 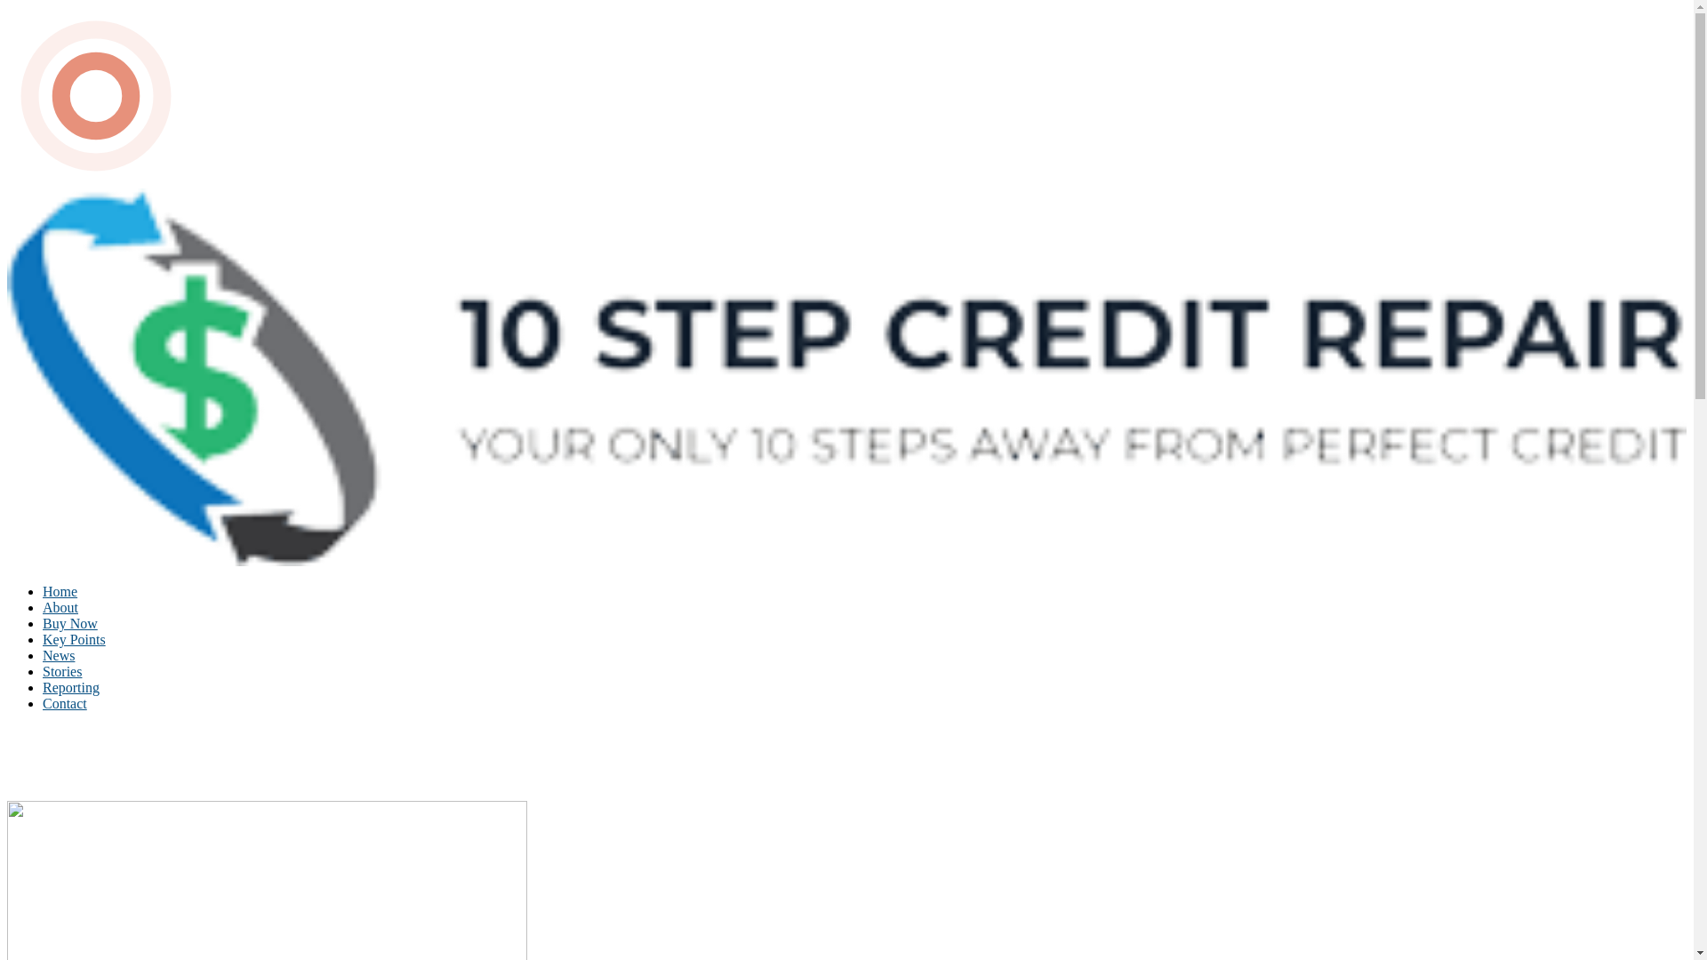 I want to click on 'News', so click(x=59, y=655).